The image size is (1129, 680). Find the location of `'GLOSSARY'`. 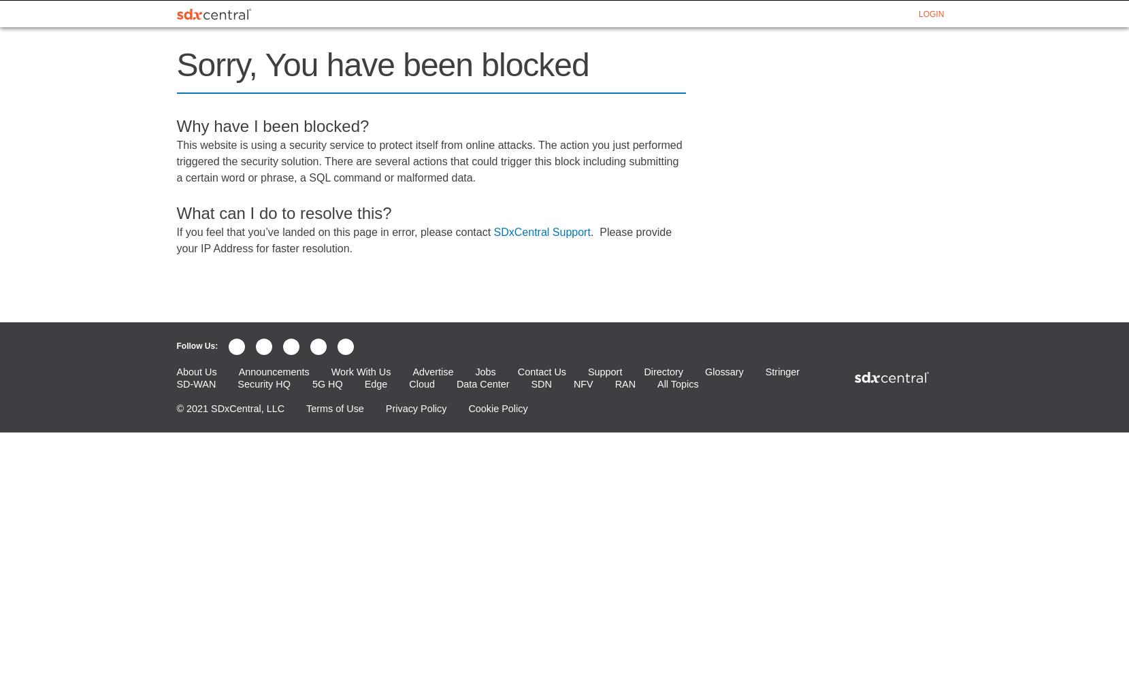

'GLOSSARY' is located at coordinates (908, 14).